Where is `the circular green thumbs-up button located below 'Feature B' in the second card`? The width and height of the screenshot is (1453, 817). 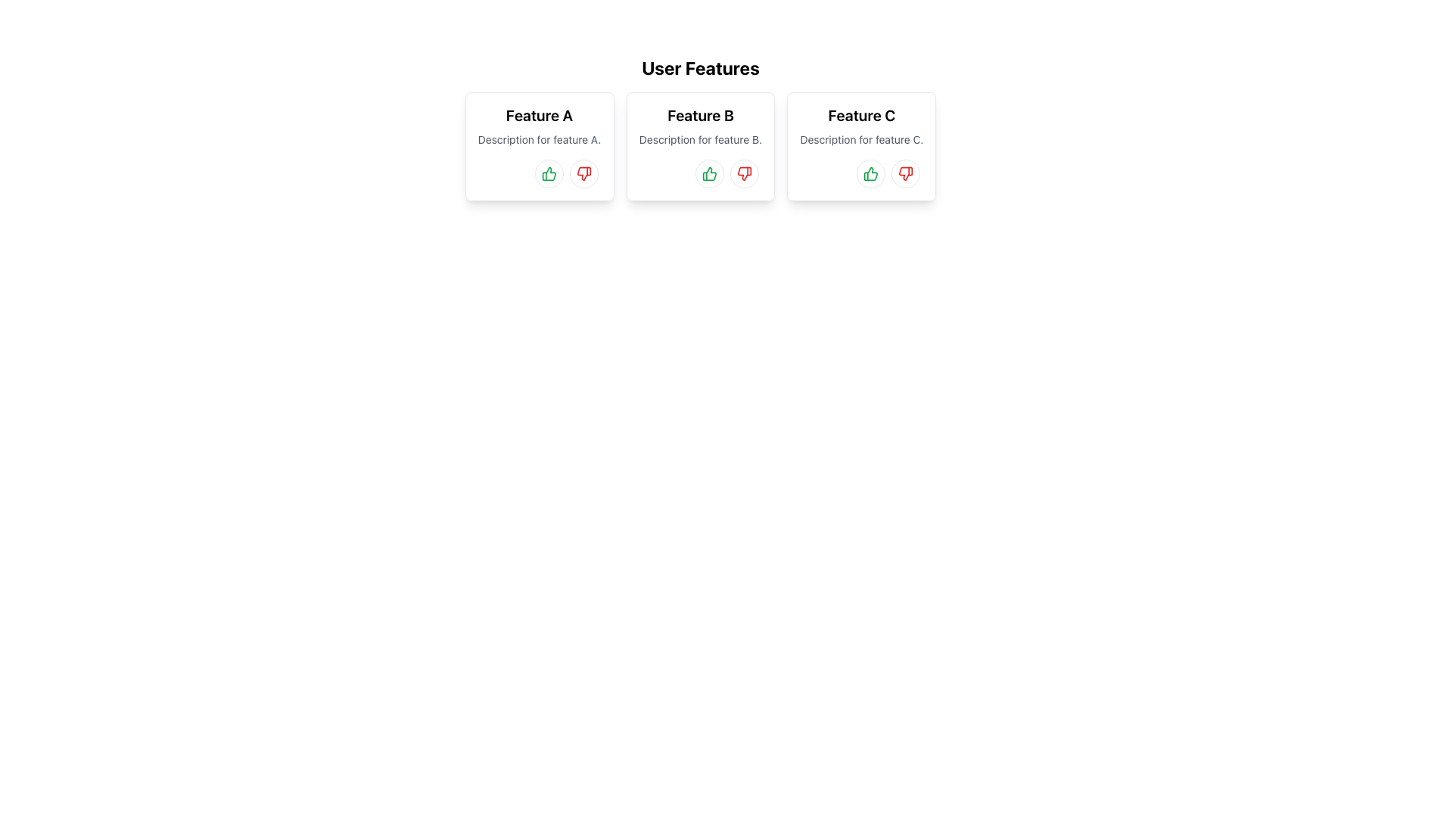
the circular green thumbs-up button located below 'Feature B' in the second card is located at coordinates (709, 173).